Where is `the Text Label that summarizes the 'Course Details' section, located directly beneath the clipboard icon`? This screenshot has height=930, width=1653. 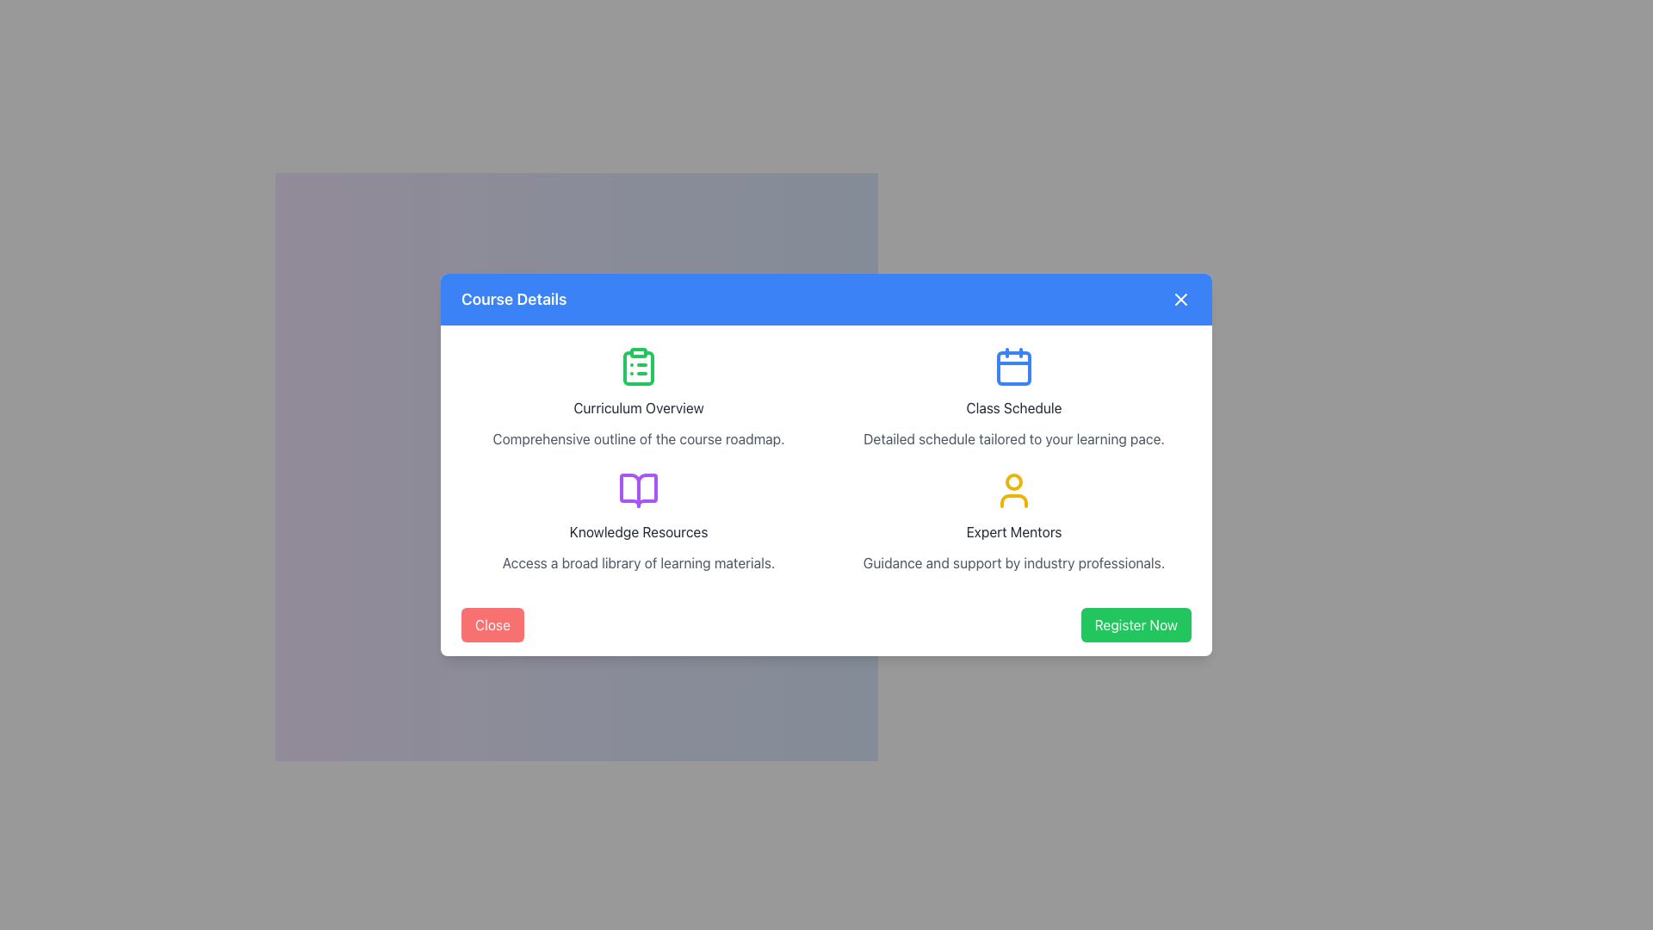
the Text Label that summarizes the 'Course Details' section, located directly beneath the clipboard icon is located at coordinates (638, 408).